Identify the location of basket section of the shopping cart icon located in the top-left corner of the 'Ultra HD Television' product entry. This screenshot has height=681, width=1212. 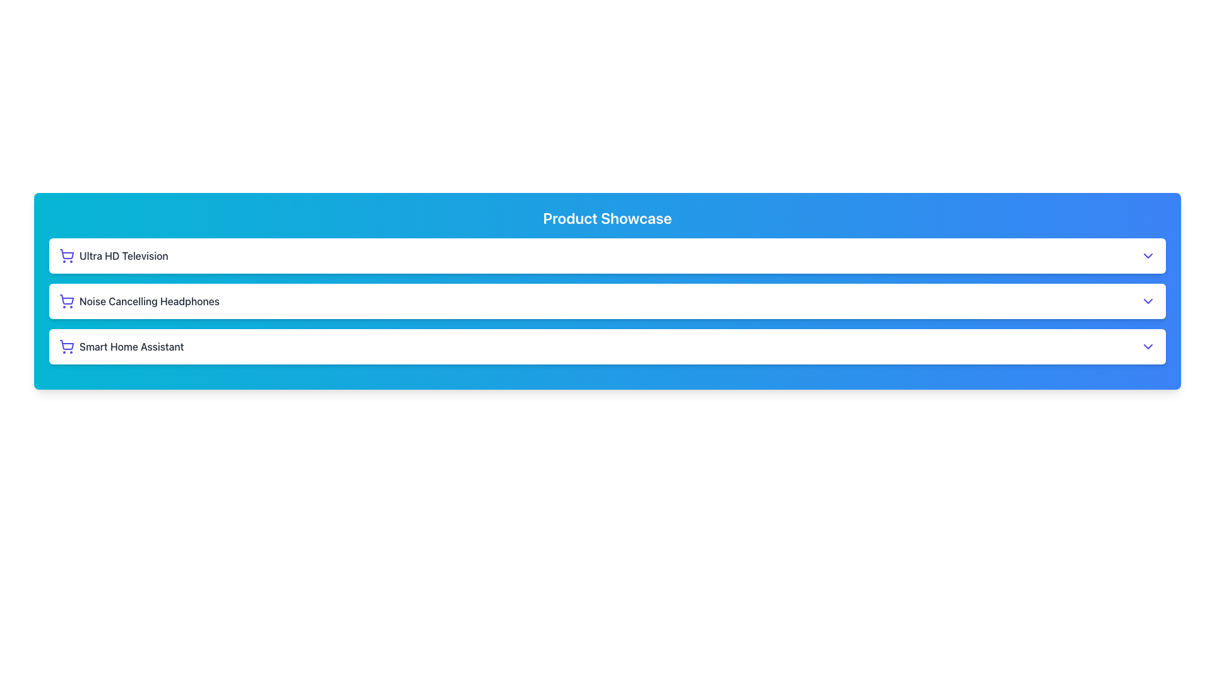
(66, 254).